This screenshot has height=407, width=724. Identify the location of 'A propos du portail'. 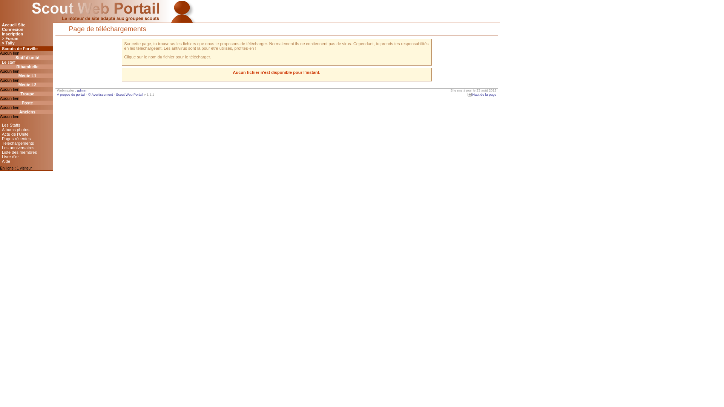
(71, 94).